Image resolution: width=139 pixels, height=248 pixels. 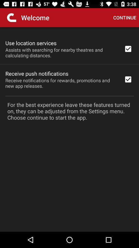 What do you see at coordinates (61, 52) in the screenshot?
I see `the item below the use location services icon` at bounding box center [61, 52].